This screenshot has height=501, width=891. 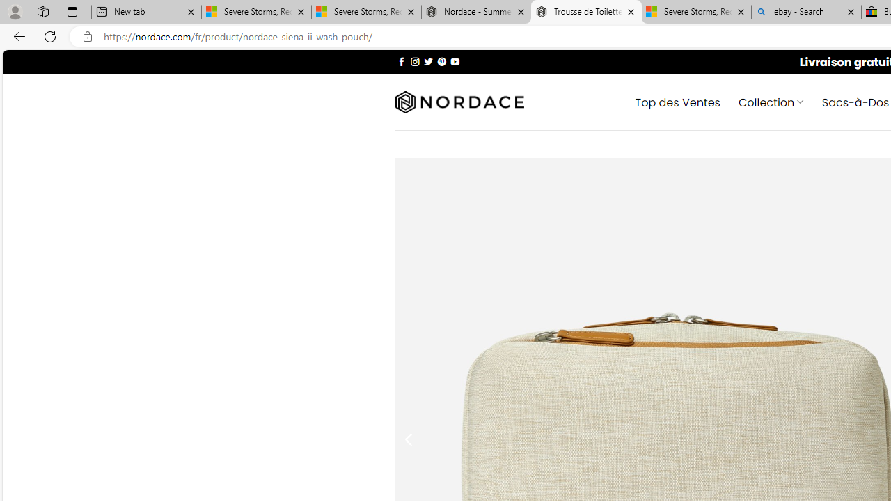 I want to click on 'Nous suivre sur Twitter', so click(x=427, y=61).